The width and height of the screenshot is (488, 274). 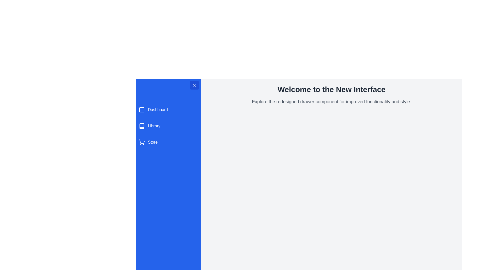 What do you see at coordinates (331, 89) in the screenshot?
I see `the Text Label that serves as a heading or title, located at the top right of the main content area` at bounding box center [331, 89].